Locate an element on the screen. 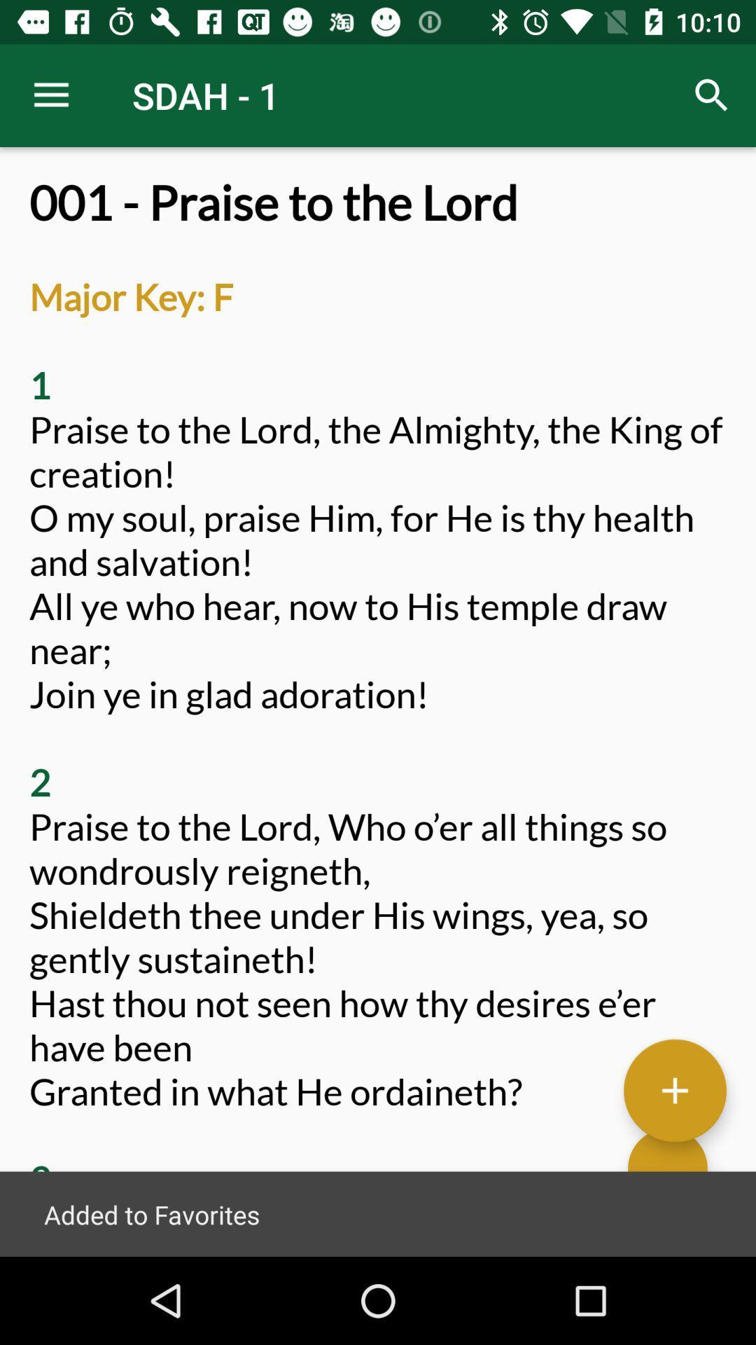  to favorites is located at coordinates (674, 1089).